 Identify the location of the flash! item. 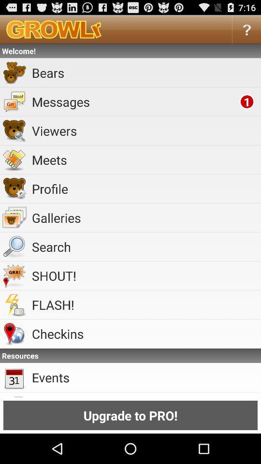
(144, 304).